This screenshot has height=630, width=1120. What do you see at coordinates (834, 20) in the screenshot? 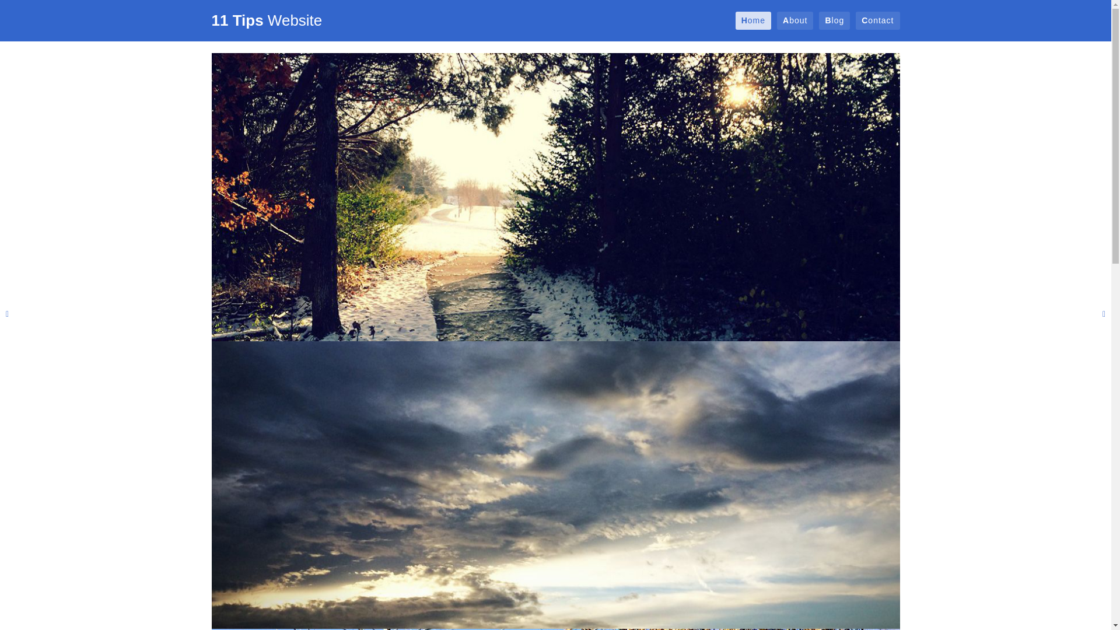
I see `'Blog'` at bounding box center [834, 20].